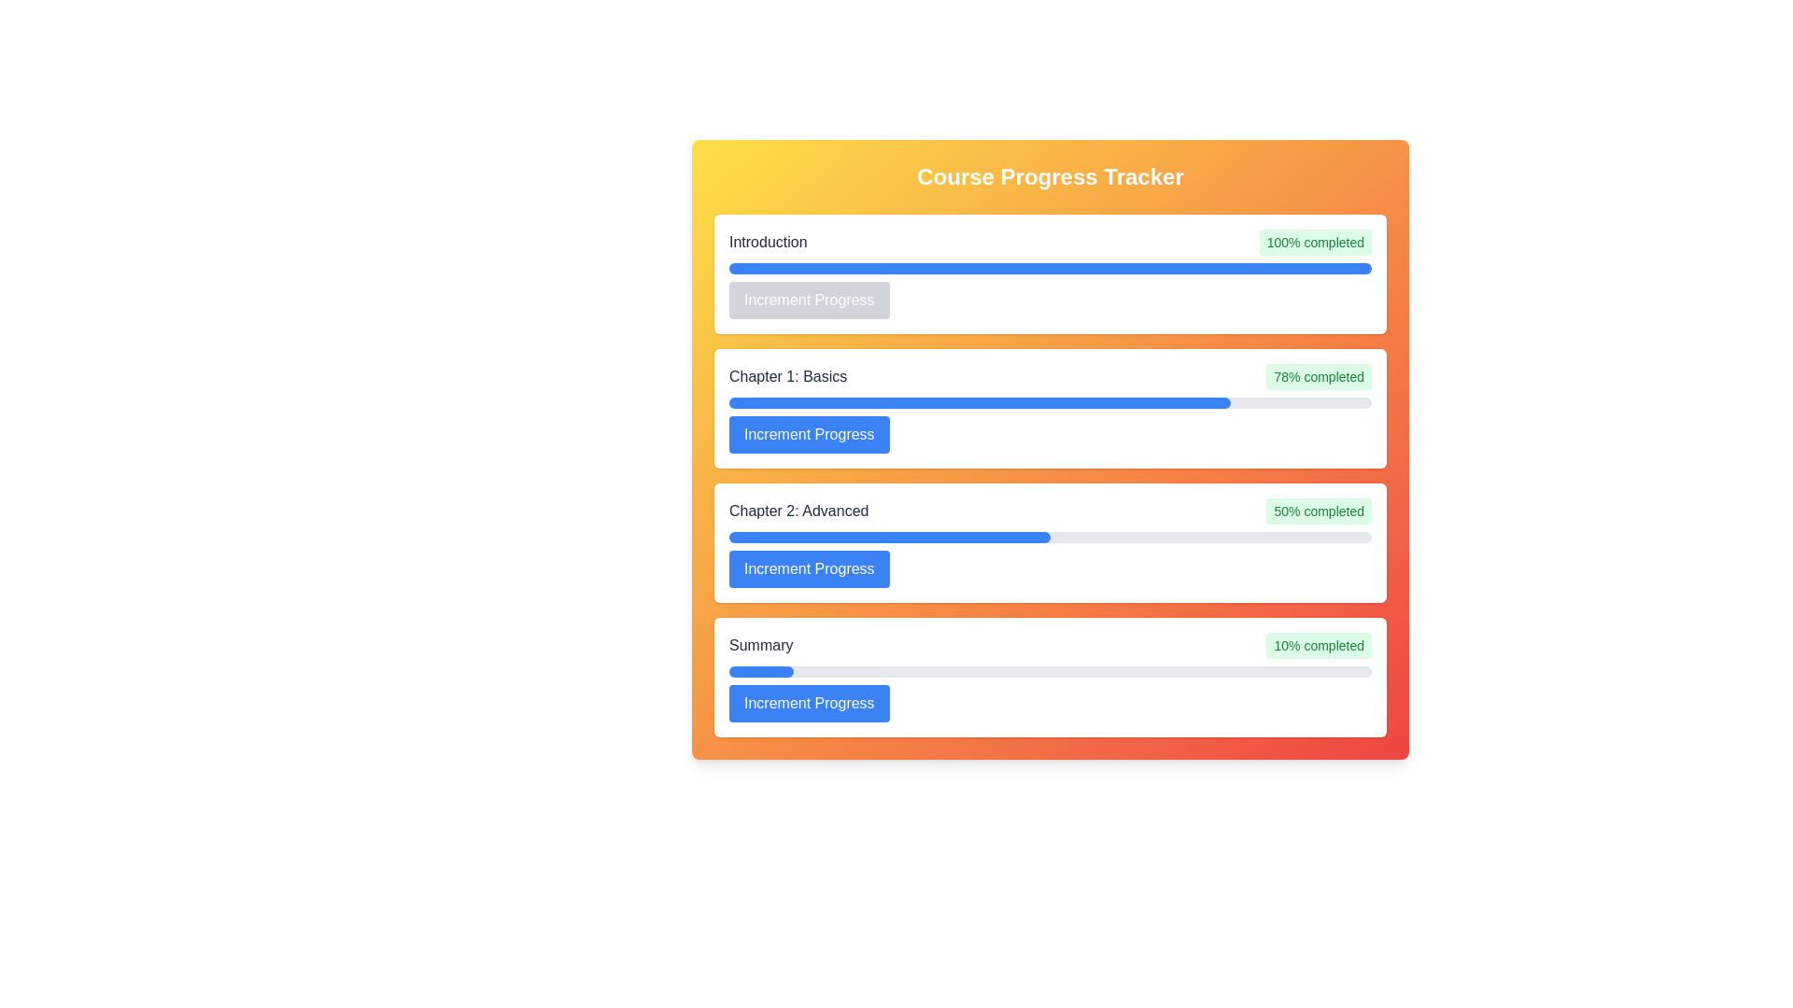 This screenshot has width=1793, height=1008. What do you see at coordinates (979, 402) in the screenshot?
I see `the blue progress fill bar representing the progress of 'Chapter 1: Basics' visually` at bounding box center [979, 402].